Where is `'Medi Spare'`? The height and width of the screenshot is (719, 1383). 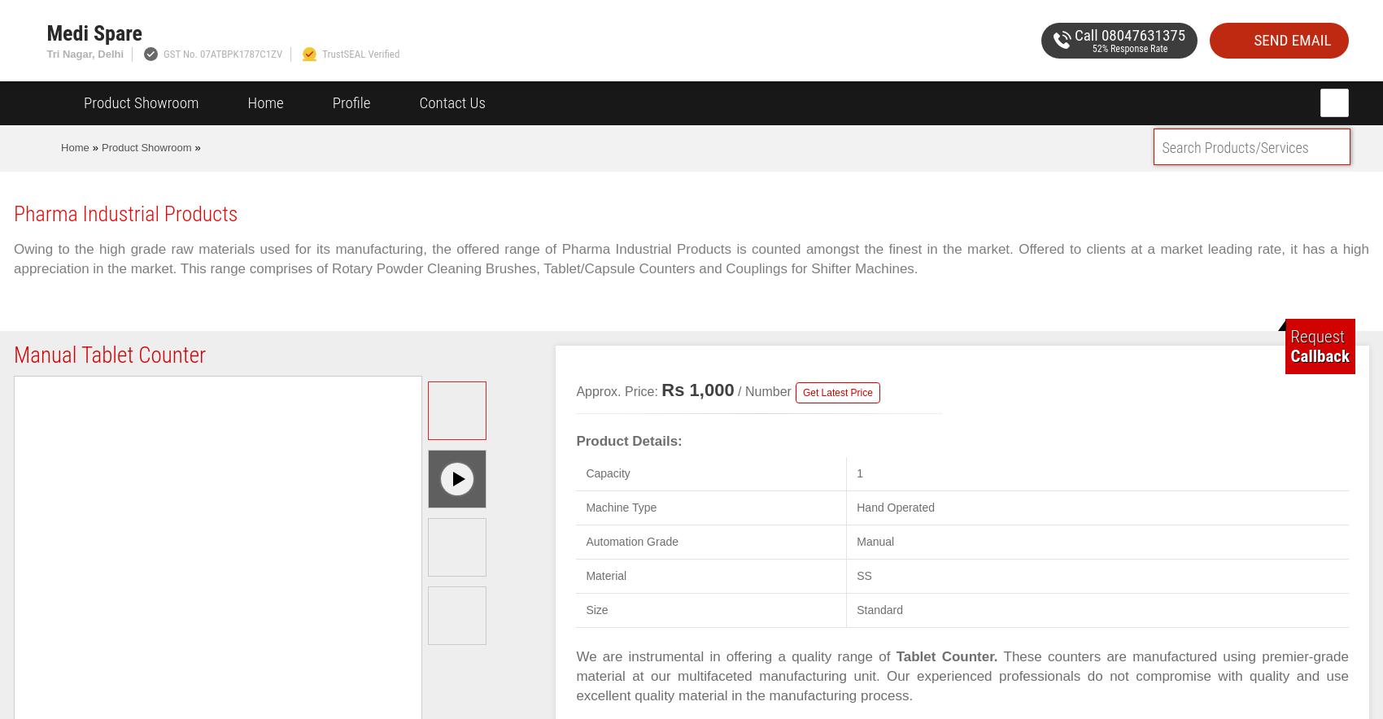
'Medi Spare' is located at coordinates (46, 33).